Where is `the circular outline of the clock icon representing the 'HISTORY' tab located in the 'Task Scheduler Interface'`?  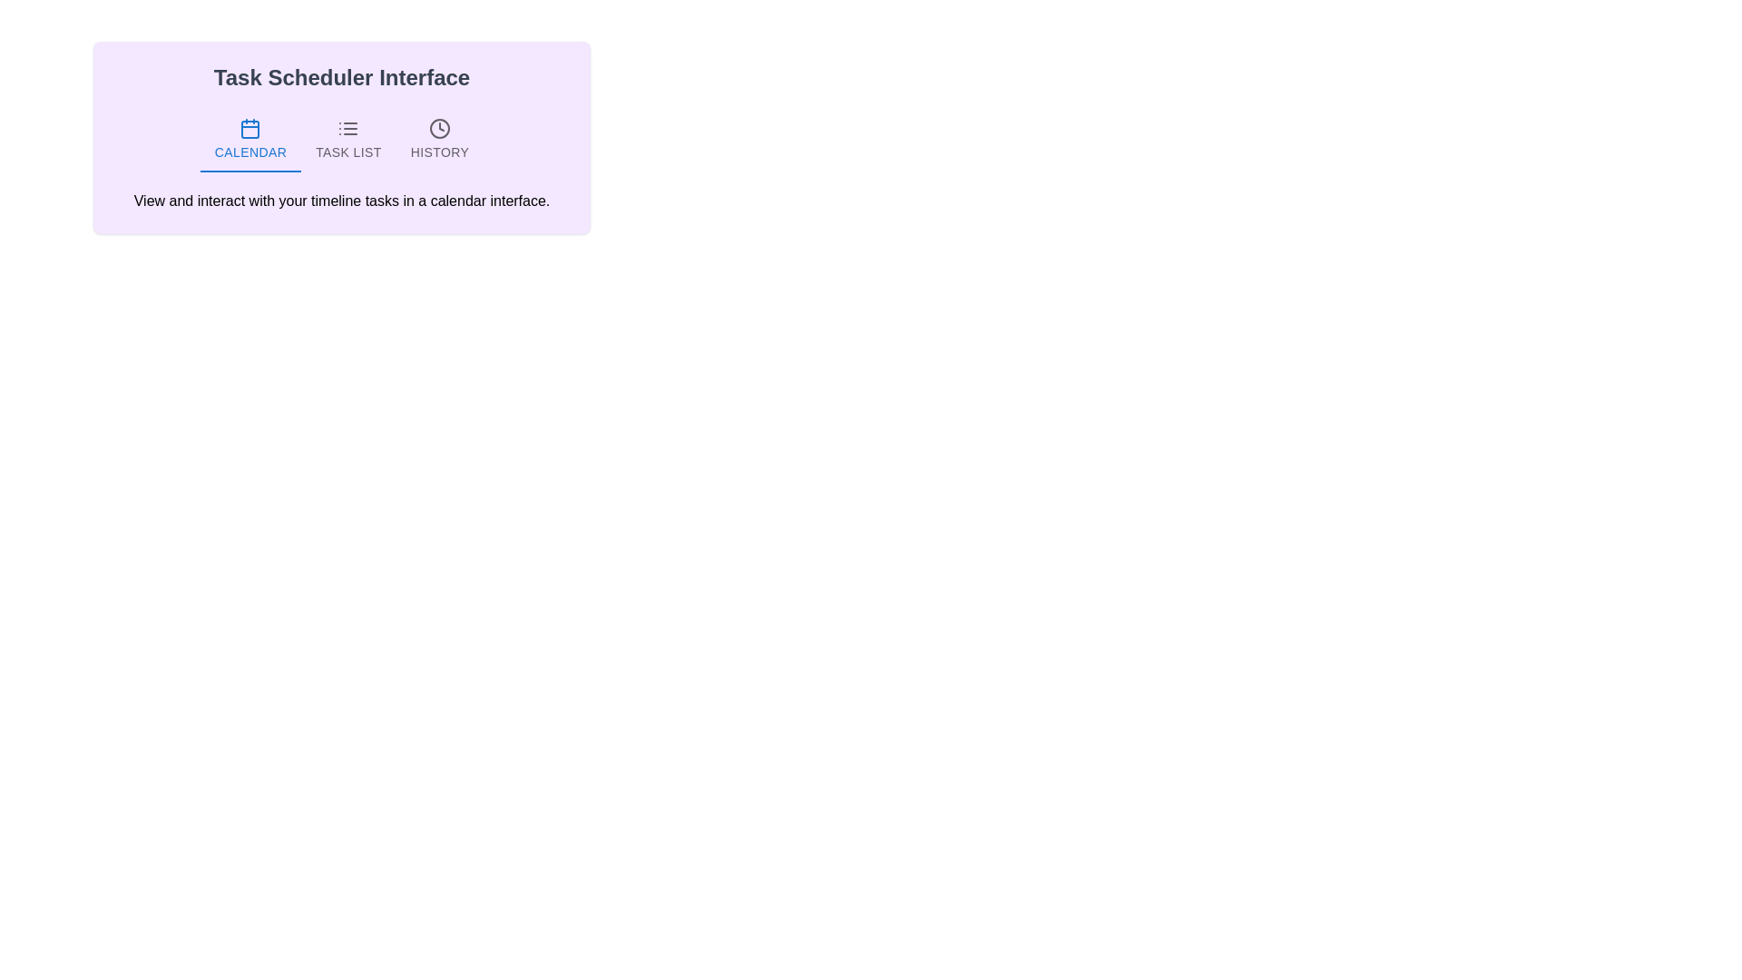 the circular outline of the clock icon representing the 'HISTORY' tab located in the 'Task Scheduler Interface' is located at coordinates (439, 128).